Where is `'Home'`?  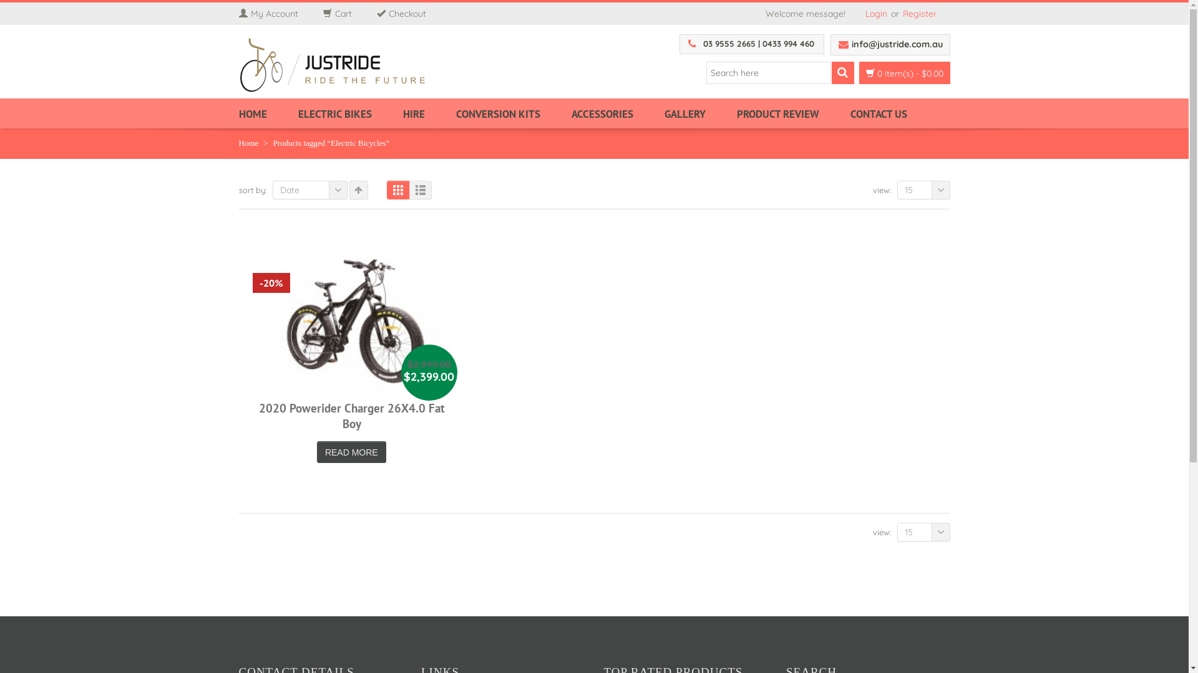
'Home' is located at coordinates (238, 142).